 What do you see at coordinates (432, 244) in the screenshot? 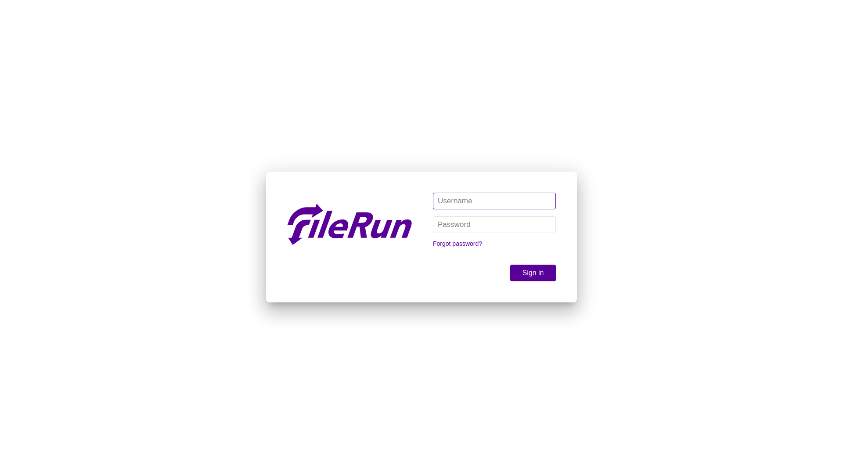
I see `'Forgot password?'` at bounding box center [432, 244].